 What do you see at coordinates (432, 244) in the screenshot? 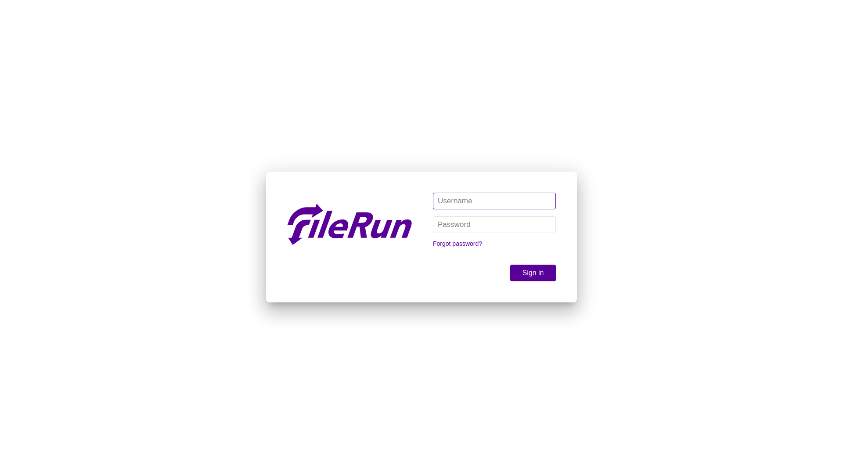
I see `'Forgot password?'` at bounding box center [432, 244].